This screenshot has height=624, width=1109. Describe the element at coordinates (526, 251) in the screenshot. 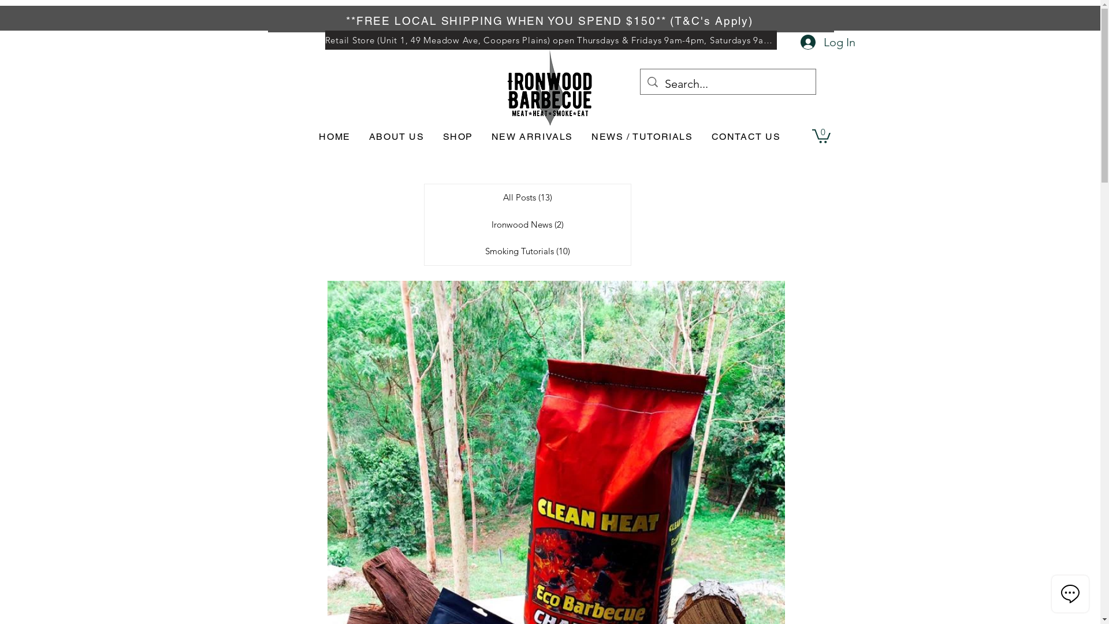

I see `'Smoking Tutorials (10)'` at that location.